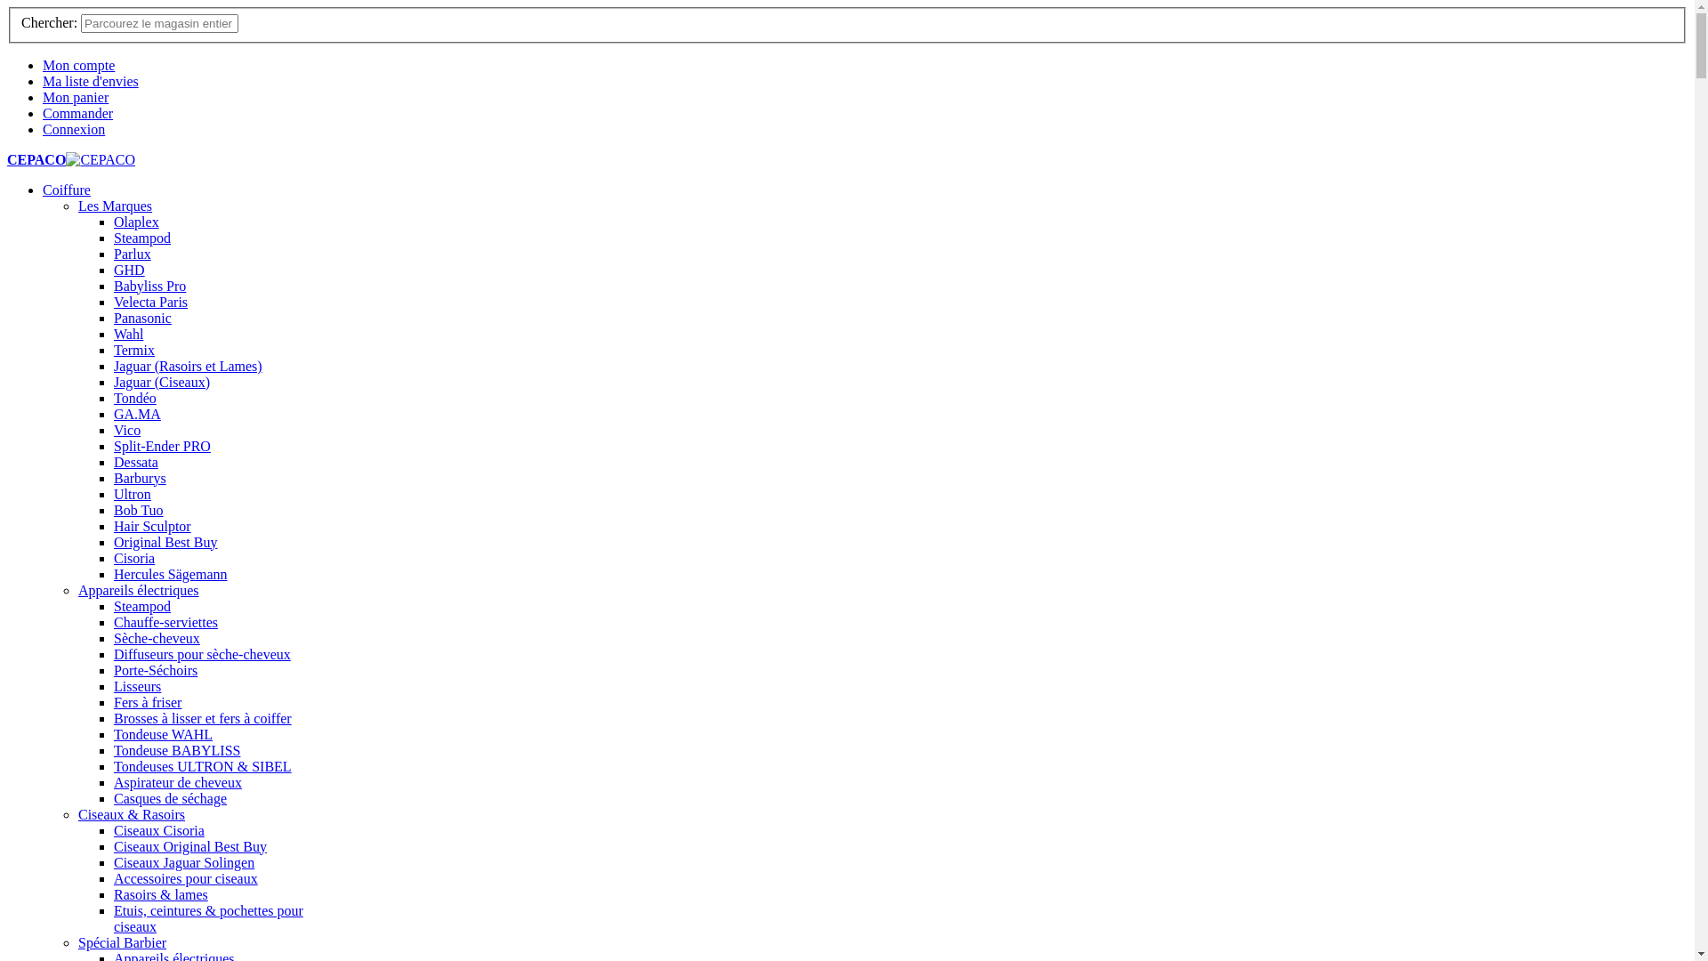  What do you see at coordinates (77, 113) in the screenshot?
I see `'Commander'` at bounding box center [77, 113].